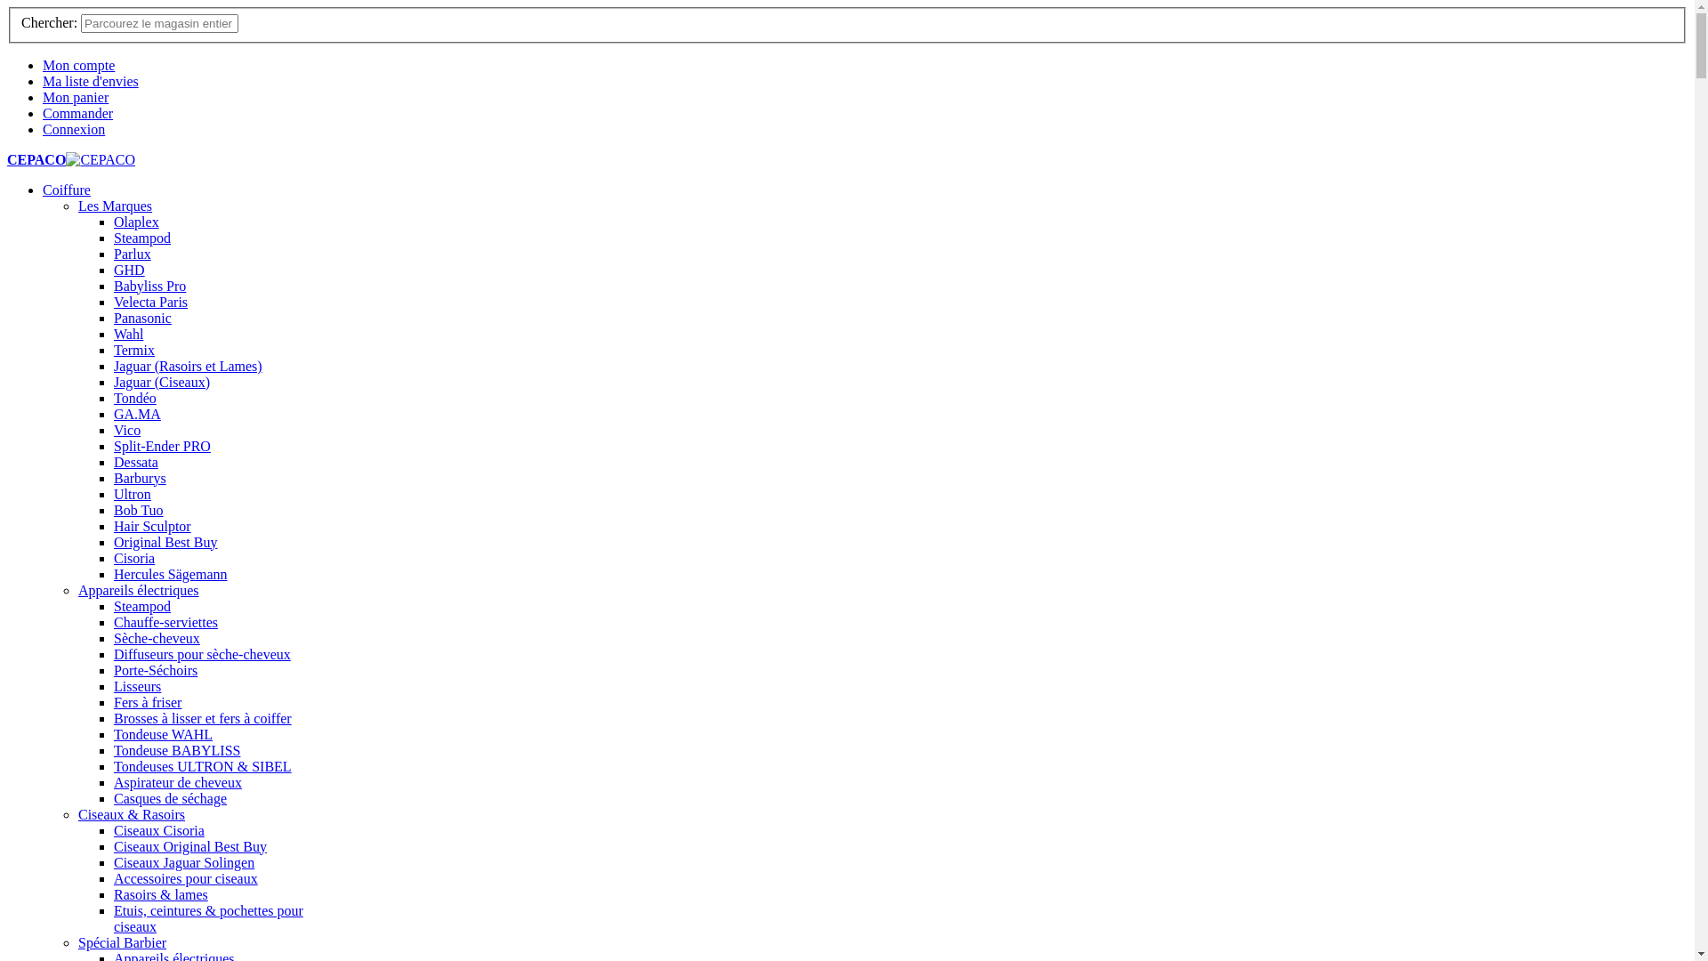  What do you see at coordinates (77, 113) in the screenshot?
I see `'Commander'` at bounding box center [77, 113].